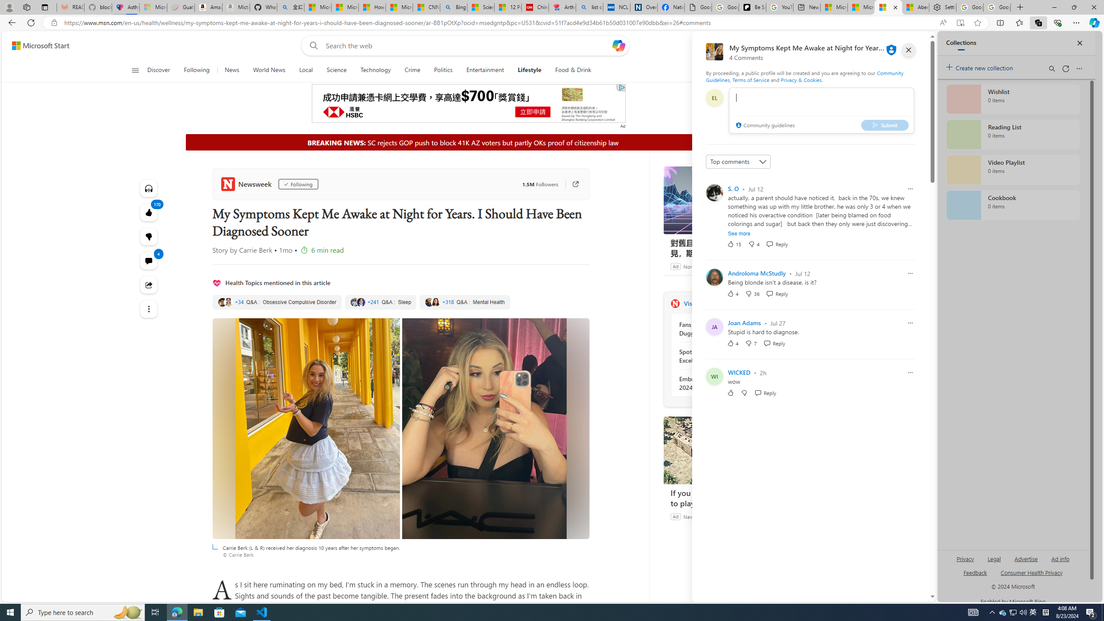  I want to click on 'comment-box', so click(821, 110).